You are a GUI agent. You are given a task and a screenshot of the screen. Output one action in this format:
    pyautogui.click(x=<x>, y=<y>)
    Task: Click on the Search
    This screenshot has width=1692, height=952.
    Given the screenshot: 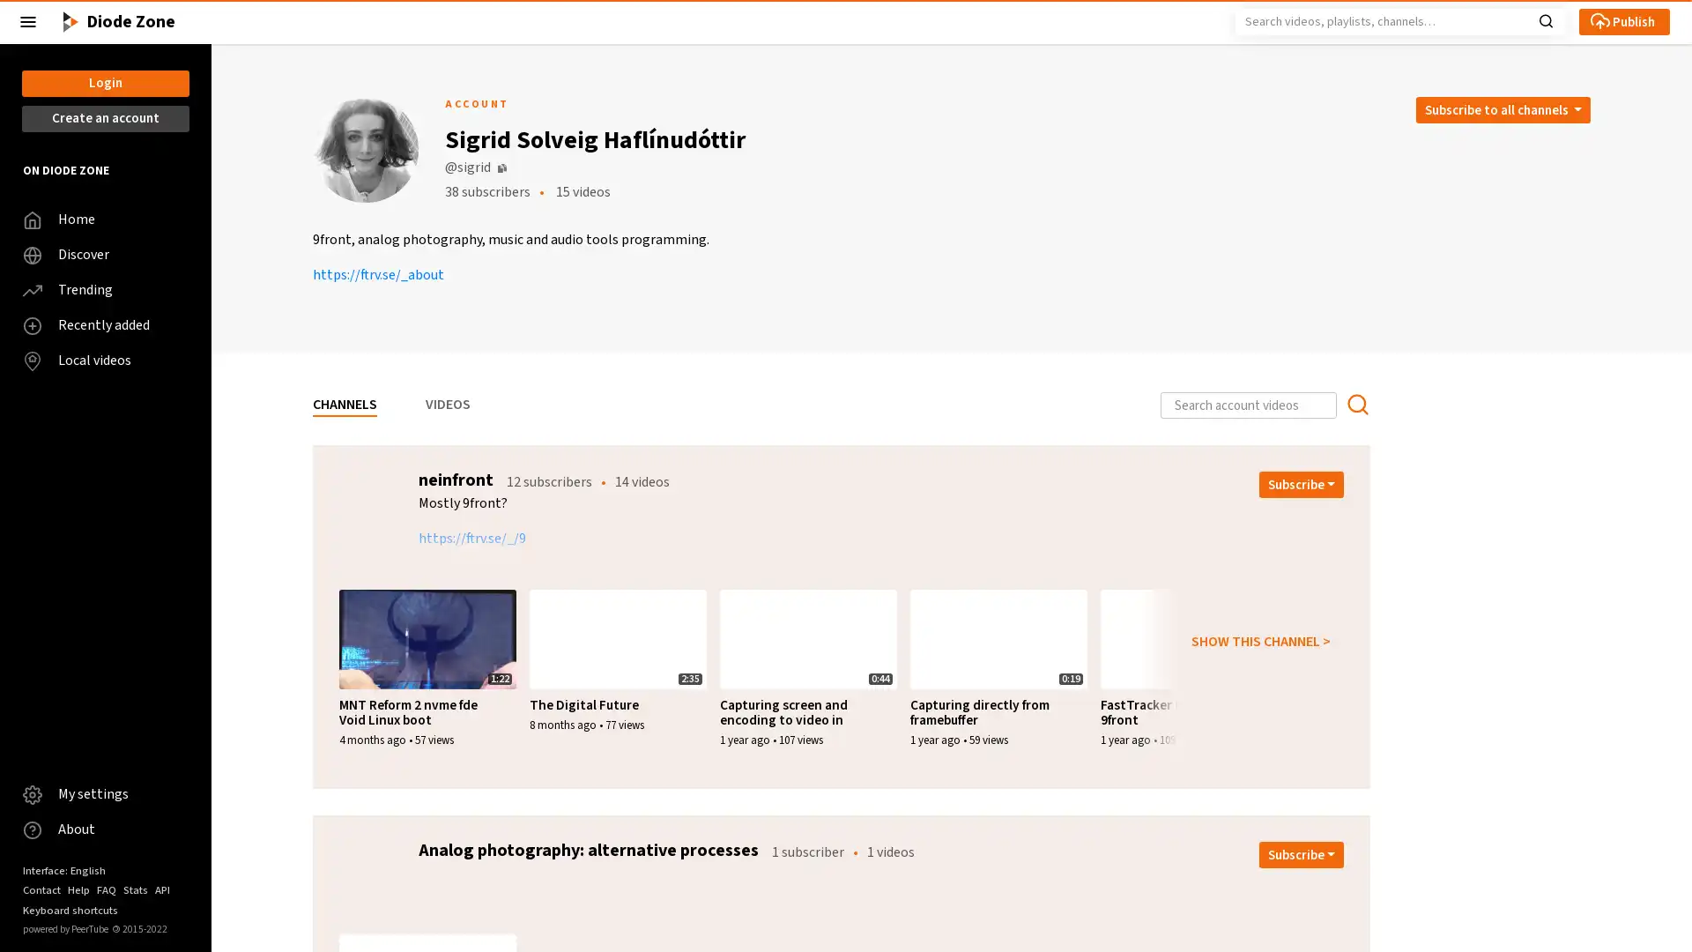 What is the action you would take?
    pyautogui.click(x=1356, y=405)
    